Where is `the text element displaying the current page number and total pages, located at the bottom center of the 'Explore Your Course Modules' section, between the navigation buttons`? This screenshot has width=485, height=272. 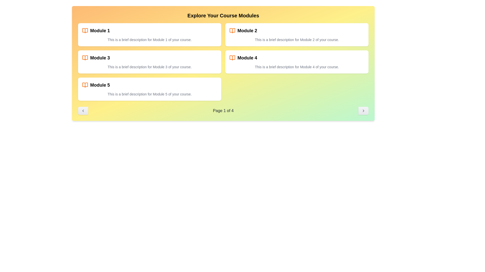
the text element displaying the current page number and total pages, located at the bottom center of the 'Explore Your Course Modules' section, between the navigation buttons is located at coordinates (223, 110).